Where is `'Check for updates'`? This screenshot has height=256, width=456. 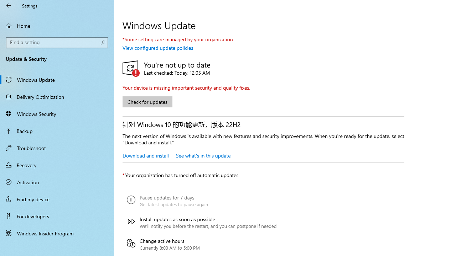 'Check for updates' is located at coordinates (147, 102).